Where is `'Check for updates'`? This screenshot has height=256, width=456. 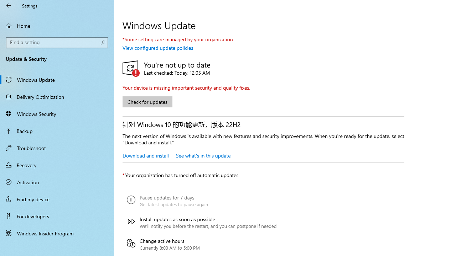 'Check for updates' is located at coordinates (147, 102).